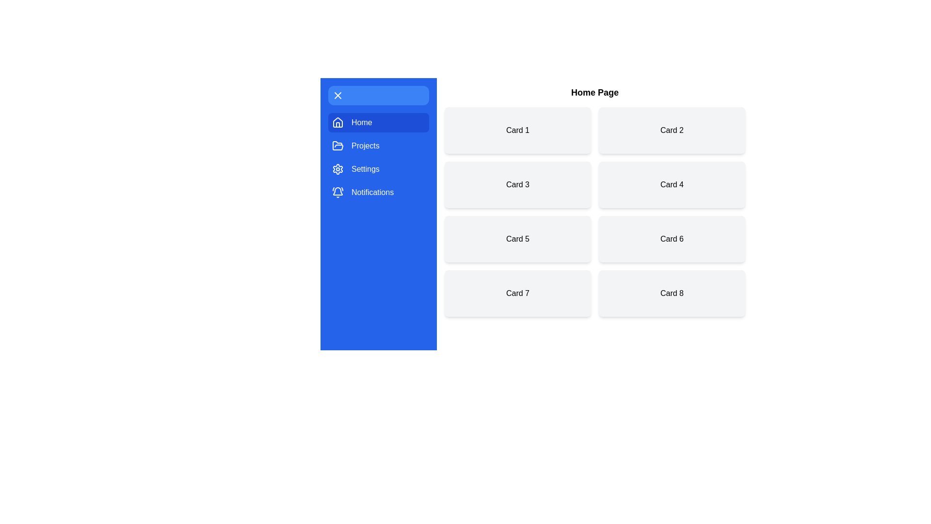 The image size is (931, 524). Describe the element at coordinates (378, 146) in the screenshot. I see `the menu item Projects` at that location.